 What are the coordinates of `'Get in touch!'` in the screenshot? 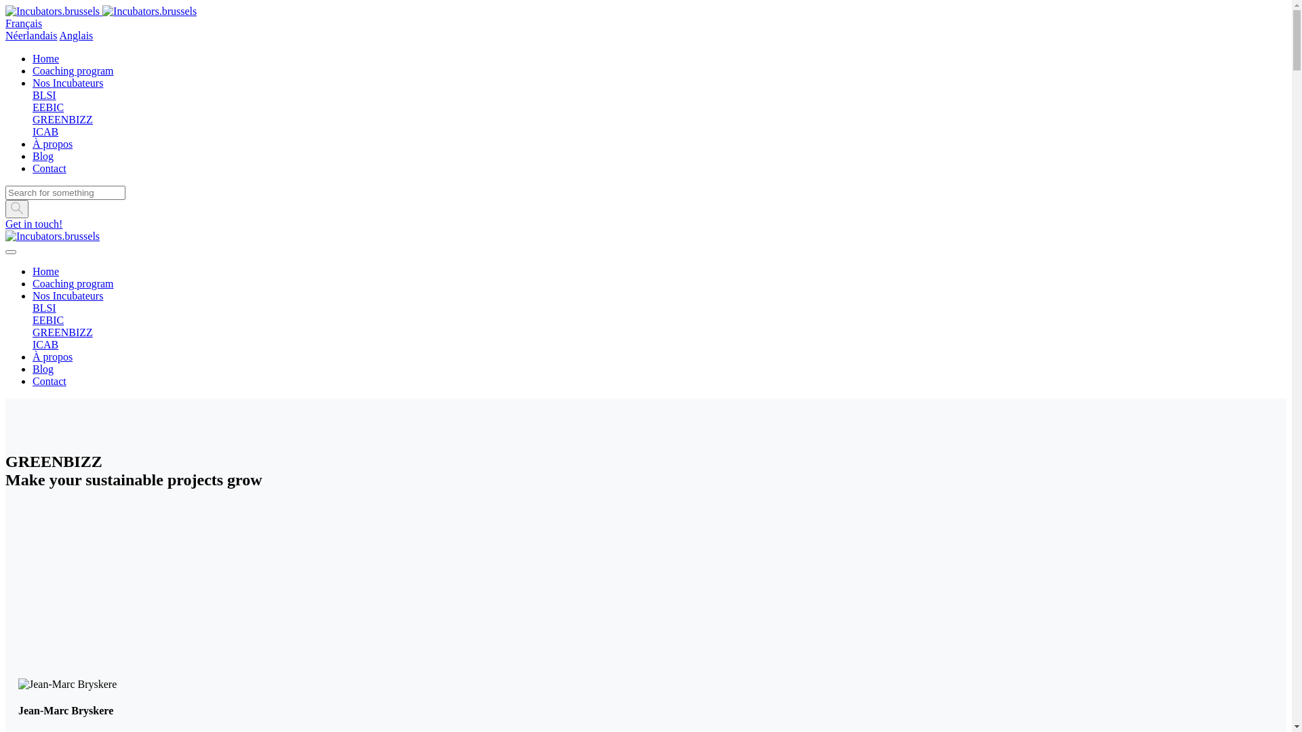 It's located at (33, 223).